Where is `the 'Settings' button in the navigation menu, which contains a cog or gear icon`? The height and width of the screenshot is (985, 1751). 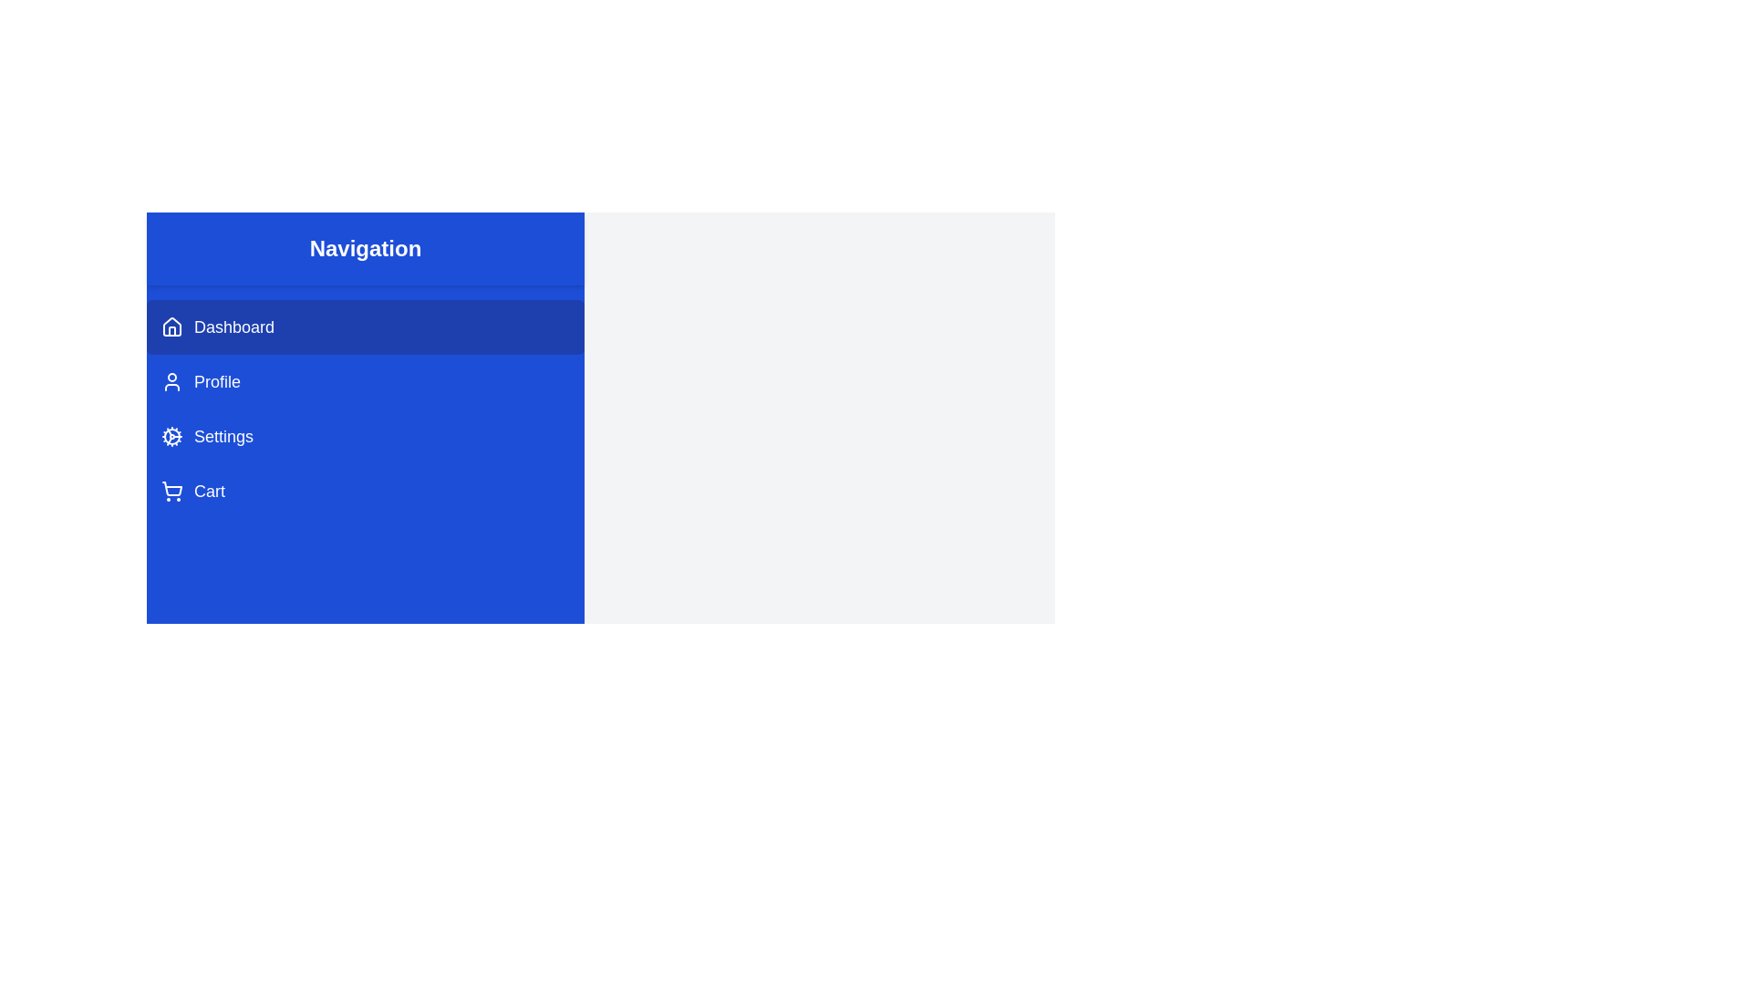 the 'Settings' button in the navigation menu, which contains a cog or gear icon is located at coordinates (171, 436).